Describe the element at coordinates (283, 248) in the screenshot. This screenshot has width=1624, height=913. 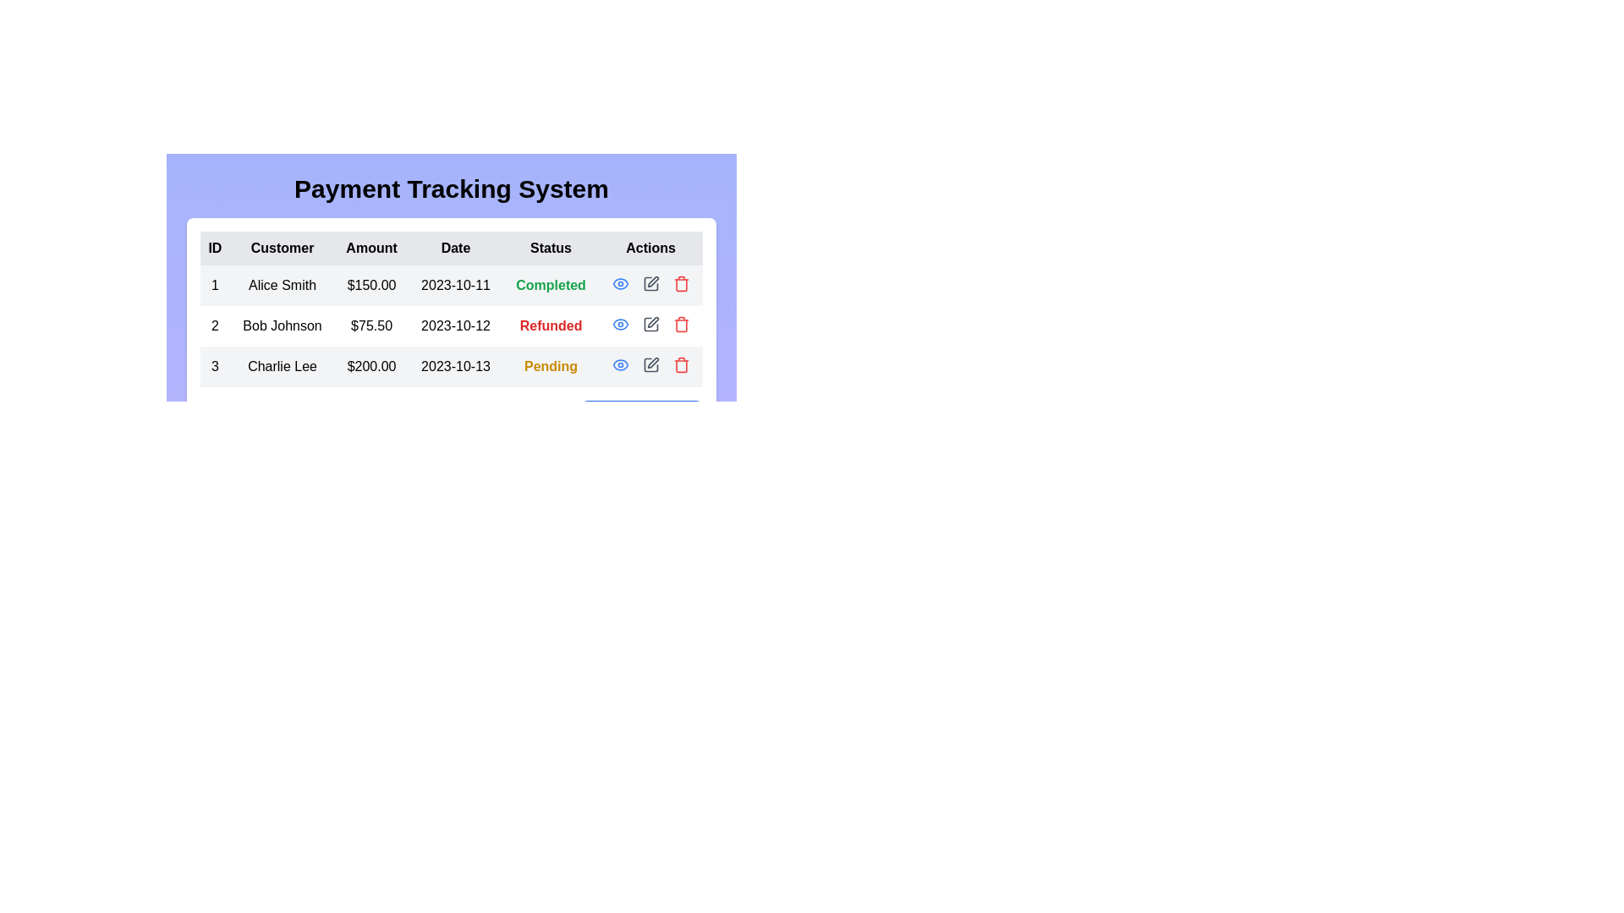
I see `the 'Customer' text label header, which is the second column header in a table` at that location.